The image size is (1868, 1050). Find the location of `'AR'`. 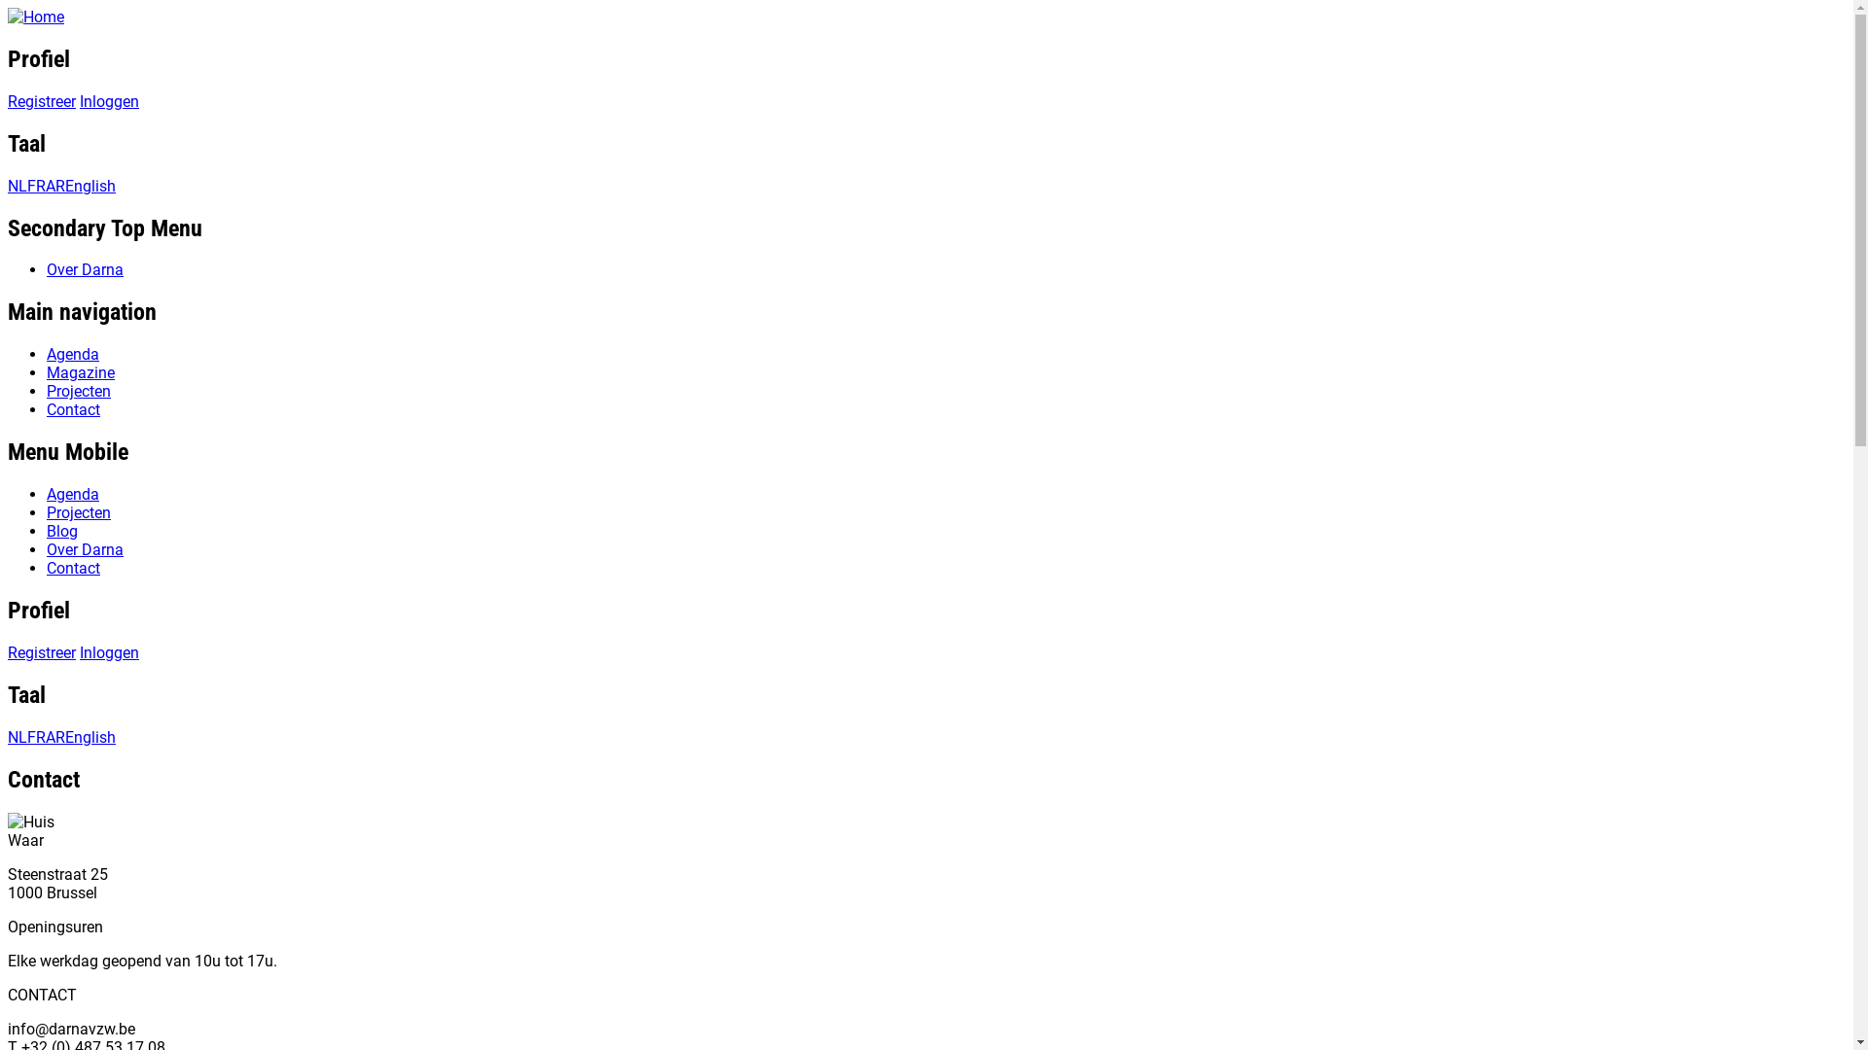

'AR' is located at coordinates (55, 737).